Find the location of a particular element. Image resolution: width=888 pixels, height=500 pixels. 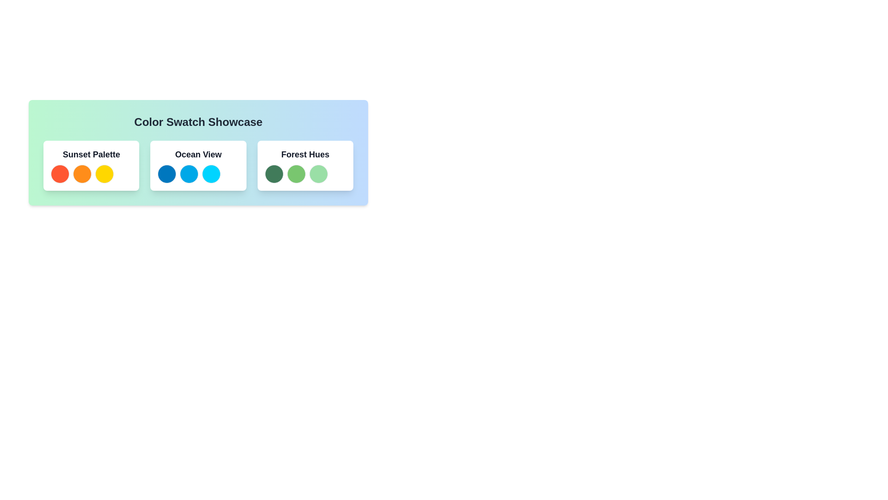

the 'Forest Hues' card, which is the third card in a grid with a white background, rounded corners, and a shadow effect, containing colored swatches at the bottom is located at coordinates (305, 165).